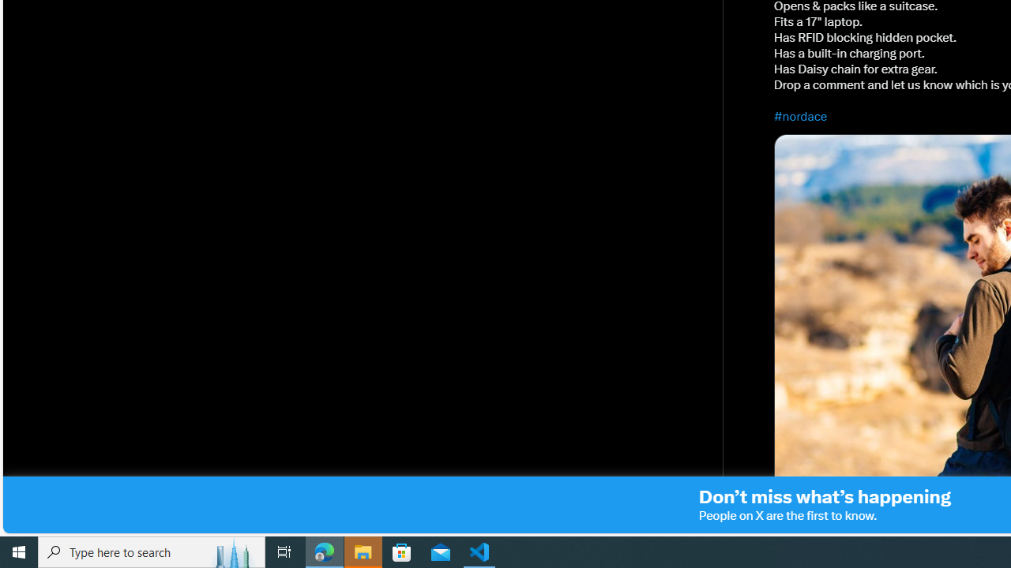  Describe the element at coordinates (801, 115) in the screenshot. I see `'#nordace'` at that location.